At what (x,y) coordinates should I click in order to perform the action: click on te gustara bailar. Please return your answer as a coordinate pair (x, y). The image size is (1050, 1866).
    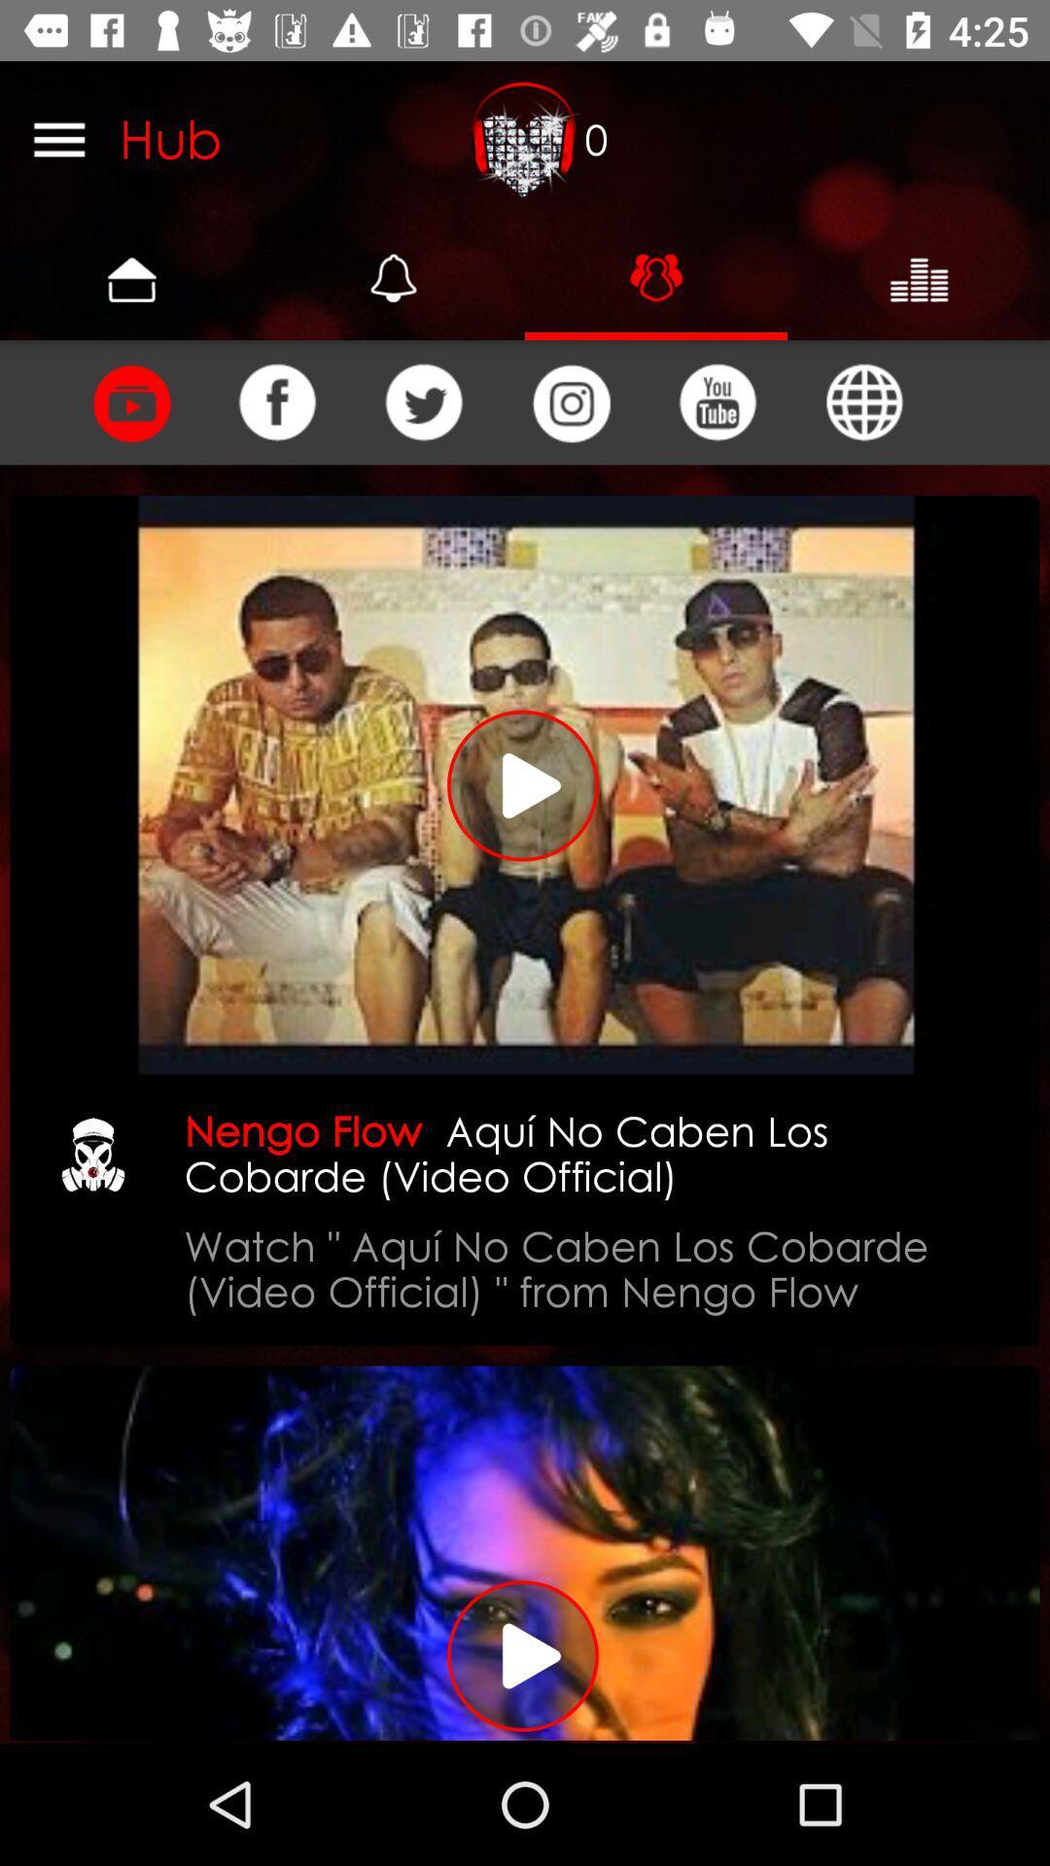
    Looking at the image, I should click on (130, 401).